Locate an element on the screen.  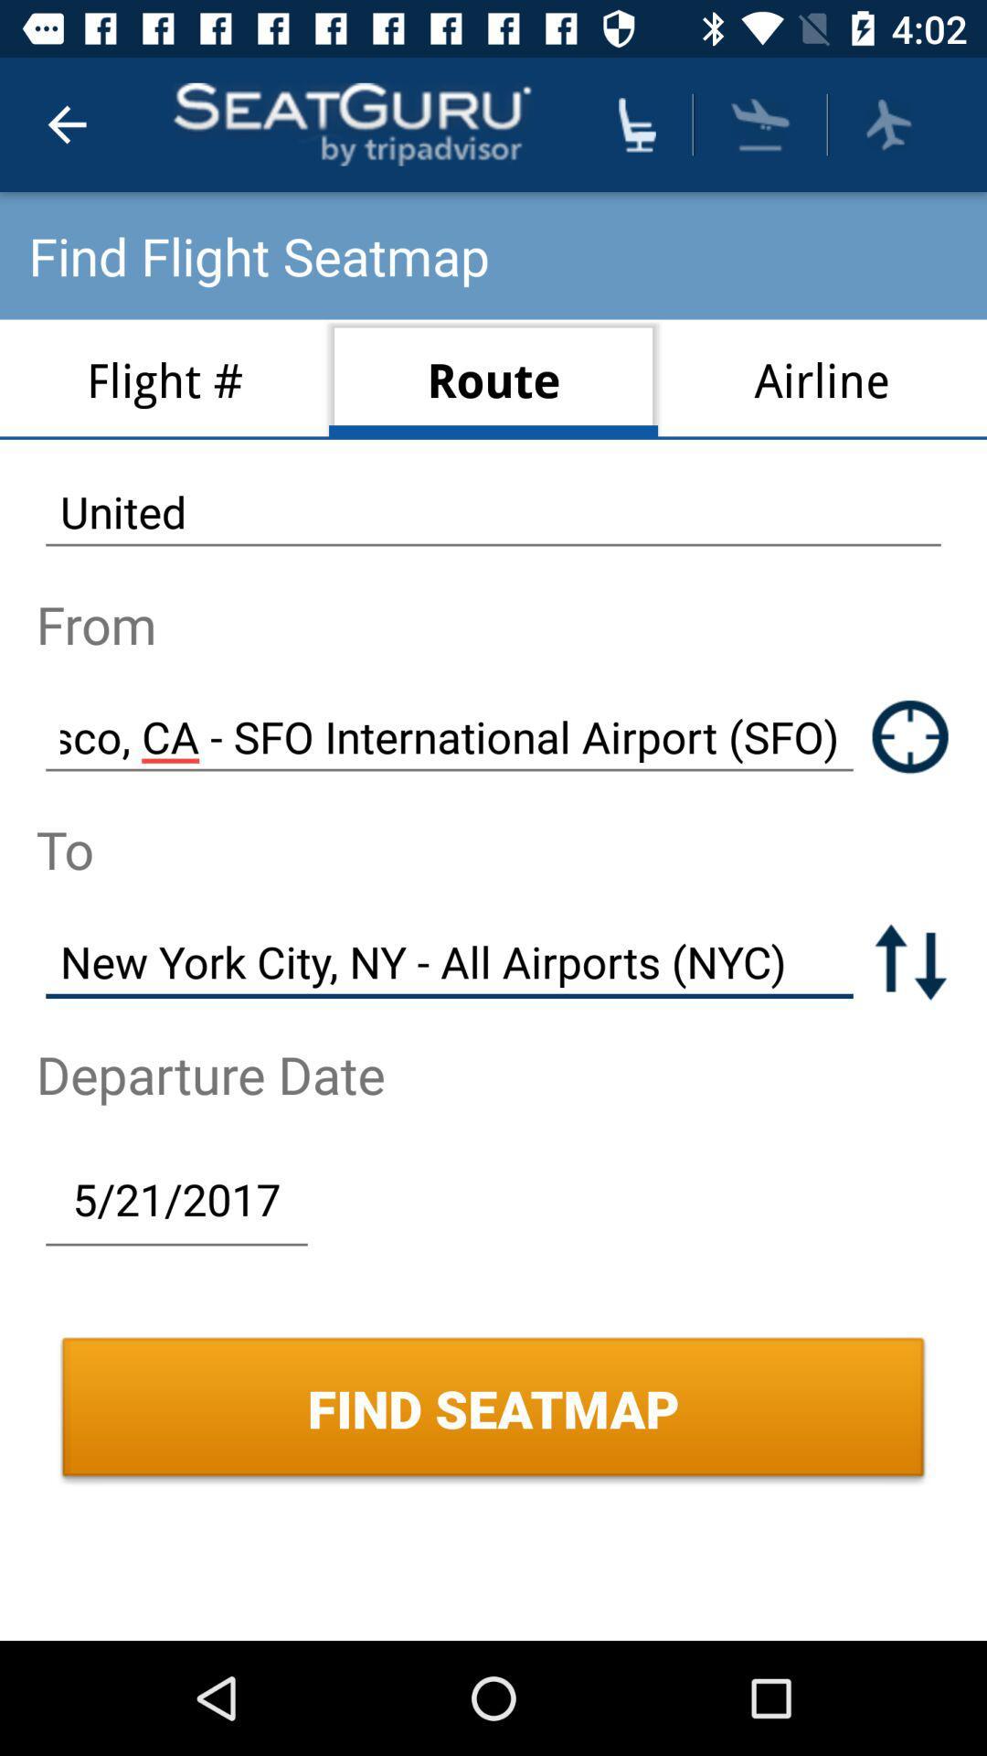
upward down ward option is located at coordinates (910, 960).